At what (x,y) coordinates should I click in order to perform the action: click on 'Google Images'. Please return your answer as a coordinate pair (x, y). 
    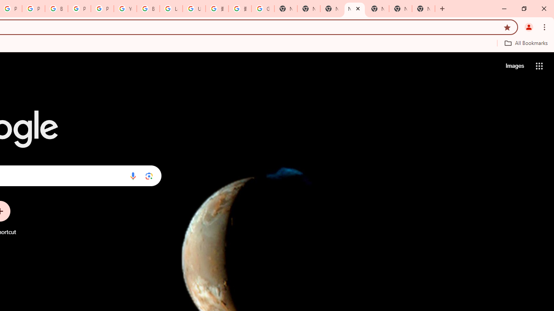
    Looking at the image, I should click on (262, 9).